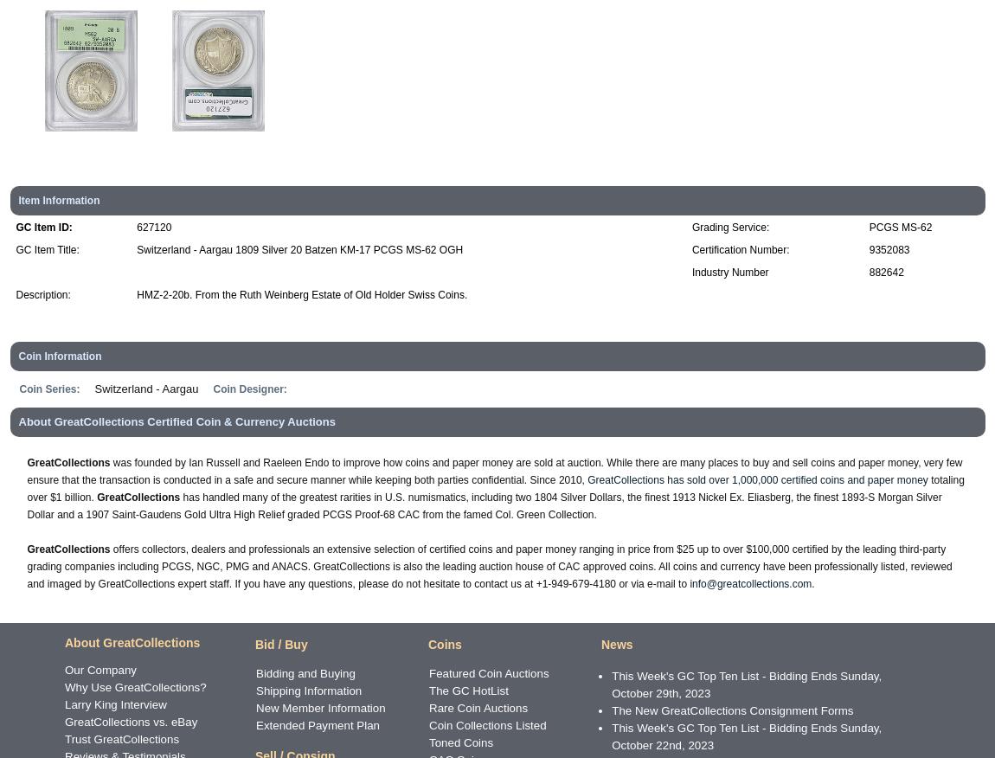 The image size is (995, 758). I want to click on 'Coin Designer:', so click(249, 389).